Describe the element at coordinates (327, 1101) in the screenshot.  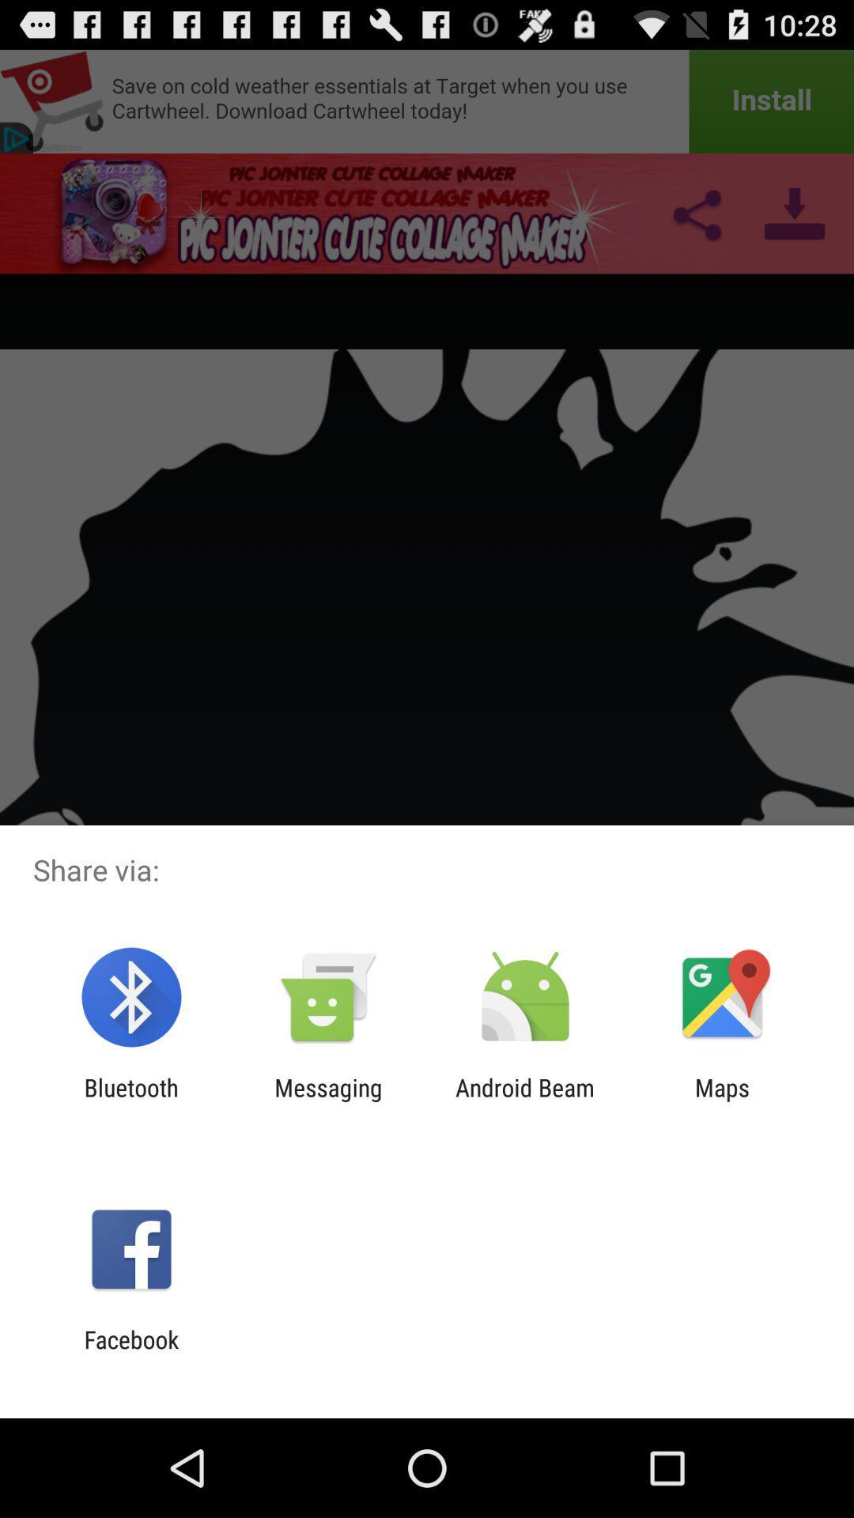
I see `the messaging app` at that location.